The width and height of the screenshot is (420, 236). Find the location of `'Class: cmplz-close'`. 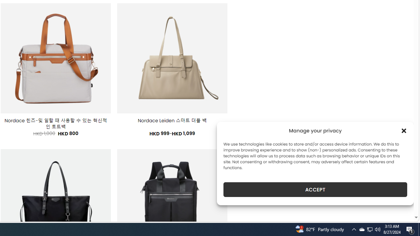

'Class: cmplz-close' is located at coordinates (404, 130).